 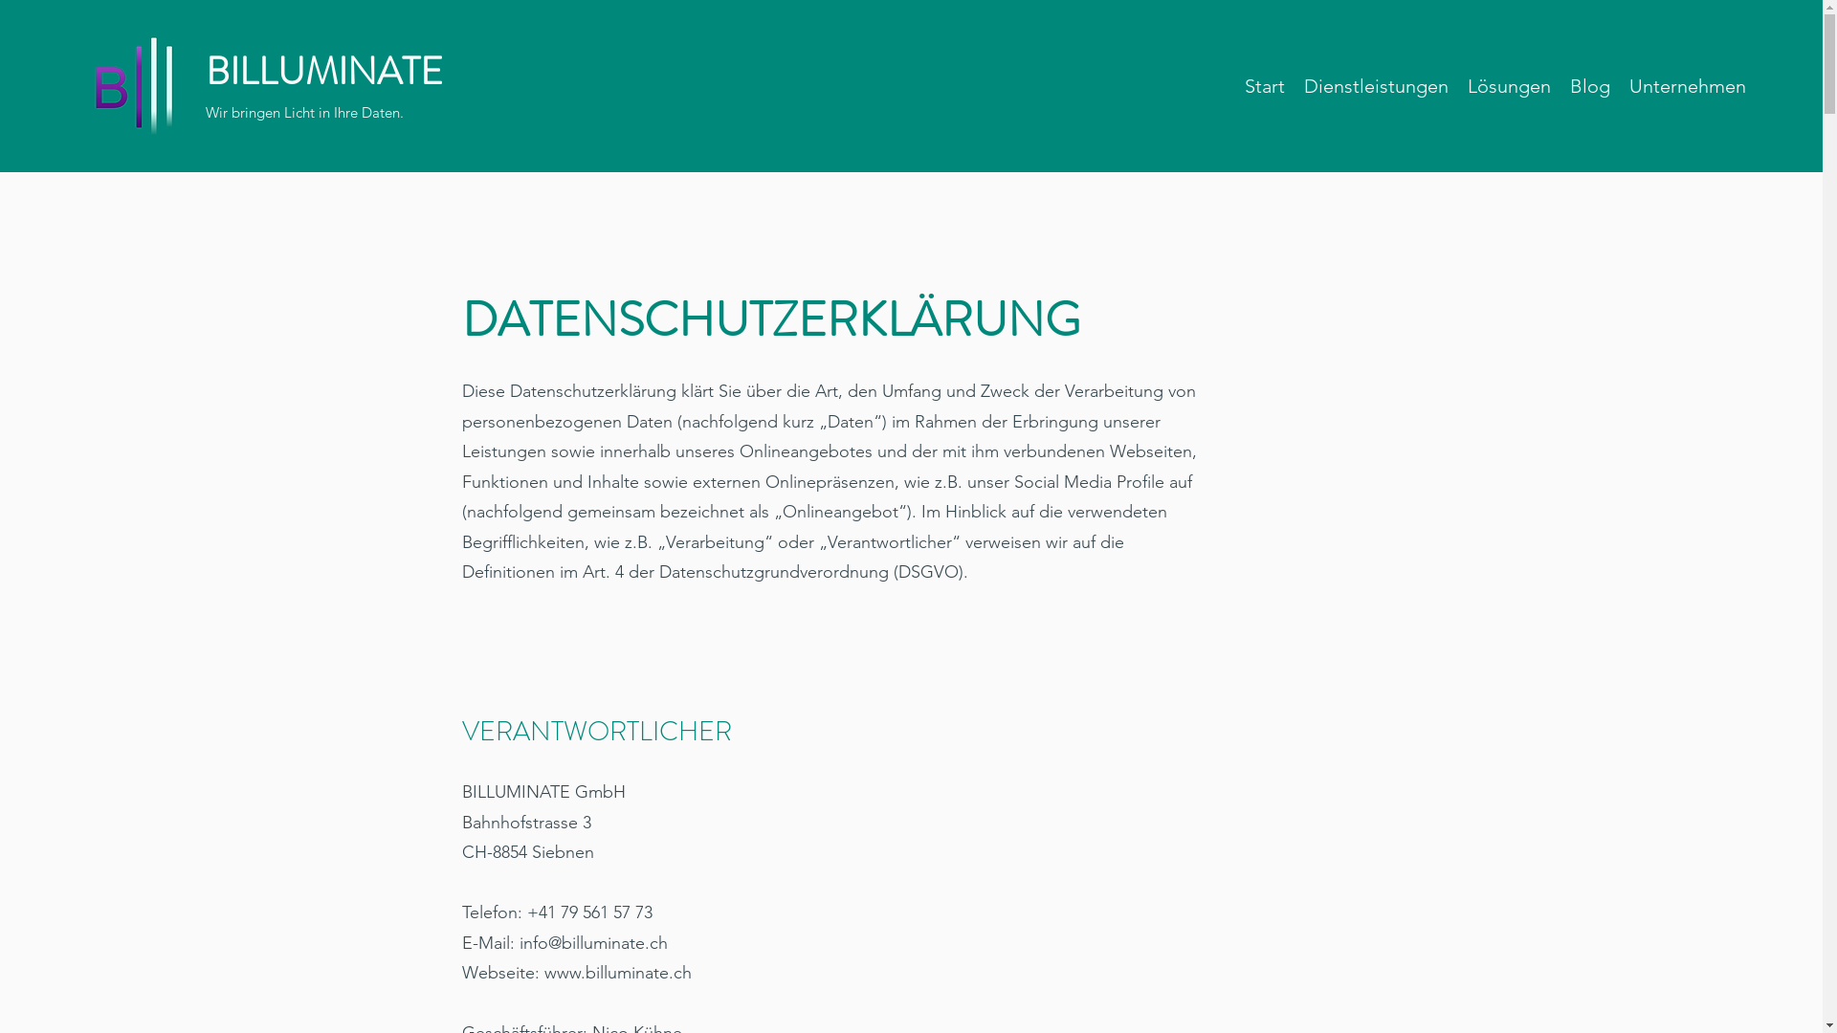 What do you see at coordinates (1619, 84) in the screenshot?
I see `'Unternehmen'` at bounding box center [1619, 84].